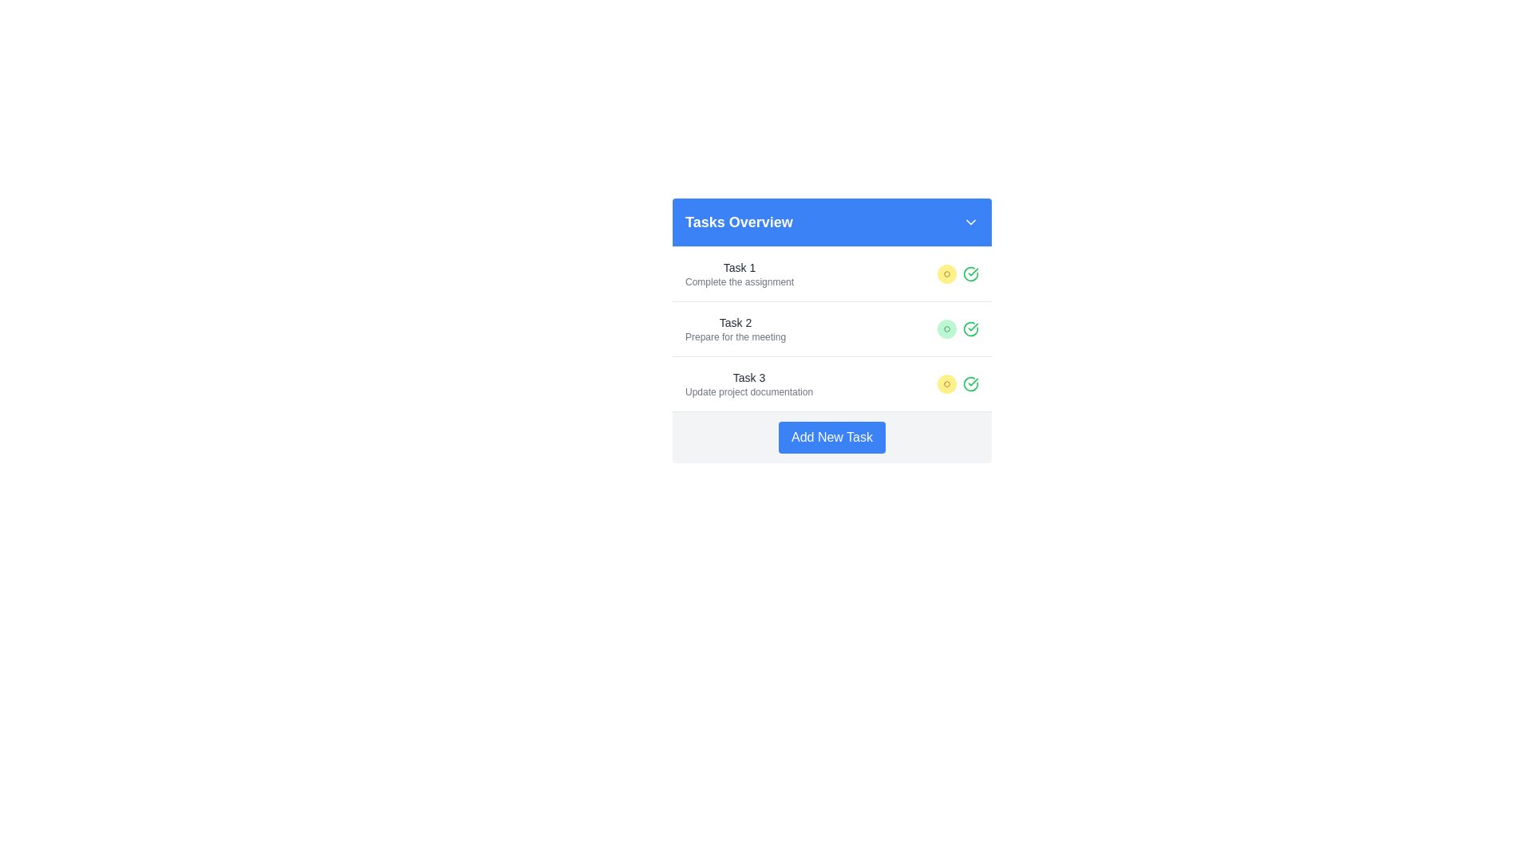 The width and height of the screenshot is (1532, 861). Describe the element at coordinates (738, 281) in the screenshot. I see `the text label that reads 'Complete the assignment', which is styled in a small light gray font and located directly beneath the 'Task 1' header in the task description interface` at that location.